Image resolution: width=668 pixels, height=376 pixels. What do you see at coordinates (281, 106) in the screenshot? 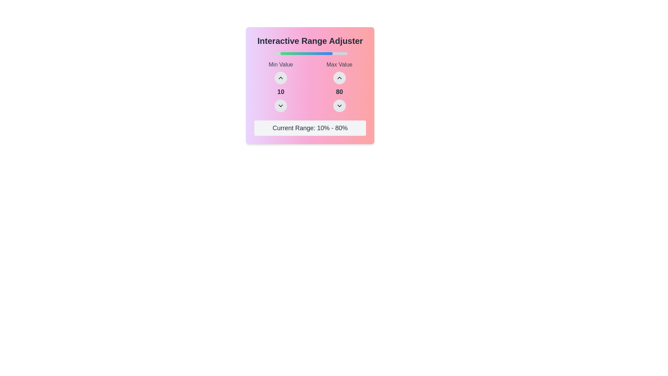
I see `the downward-pointing chevron button located at the bottom left part of the range adjuster interface, below the 'Min Value' numeric display and upward arrow to interact` at bounding box center [281, 106].